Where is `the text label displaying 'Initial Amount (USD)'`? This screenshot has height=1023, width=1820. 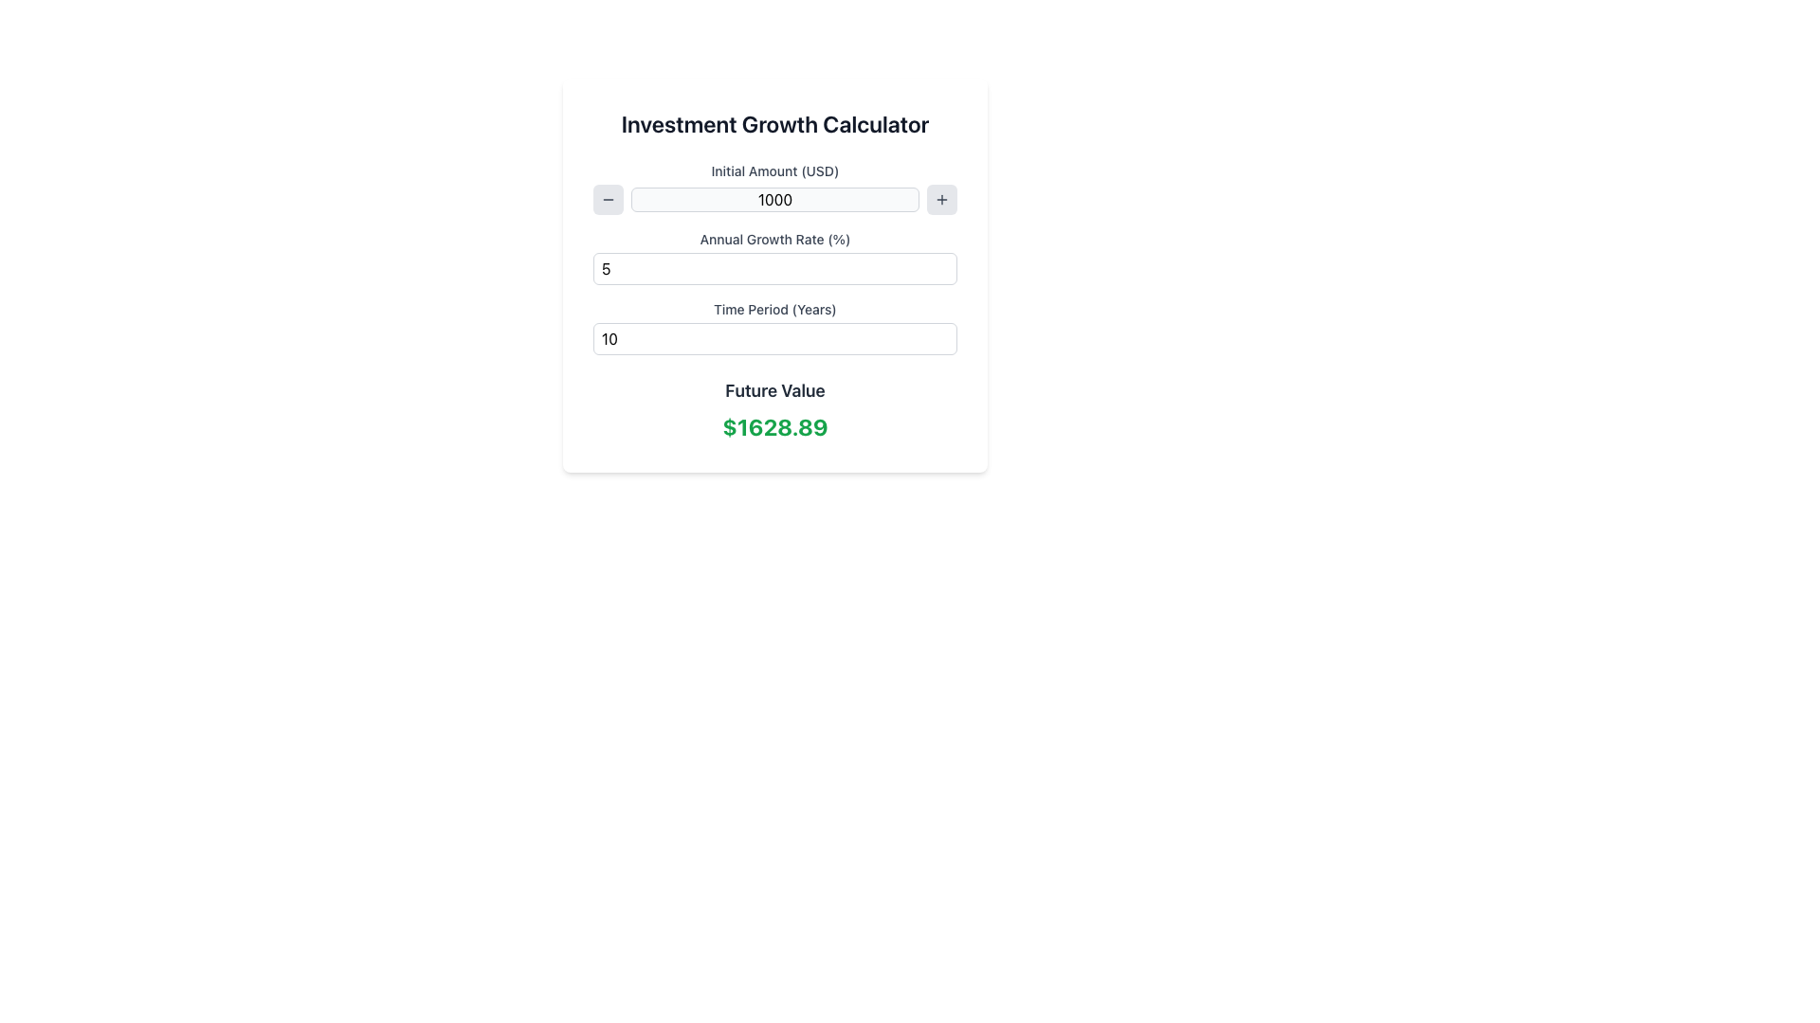 the text label displaying 'Initial Amount (USD)' is located at coordinates (774, 171).